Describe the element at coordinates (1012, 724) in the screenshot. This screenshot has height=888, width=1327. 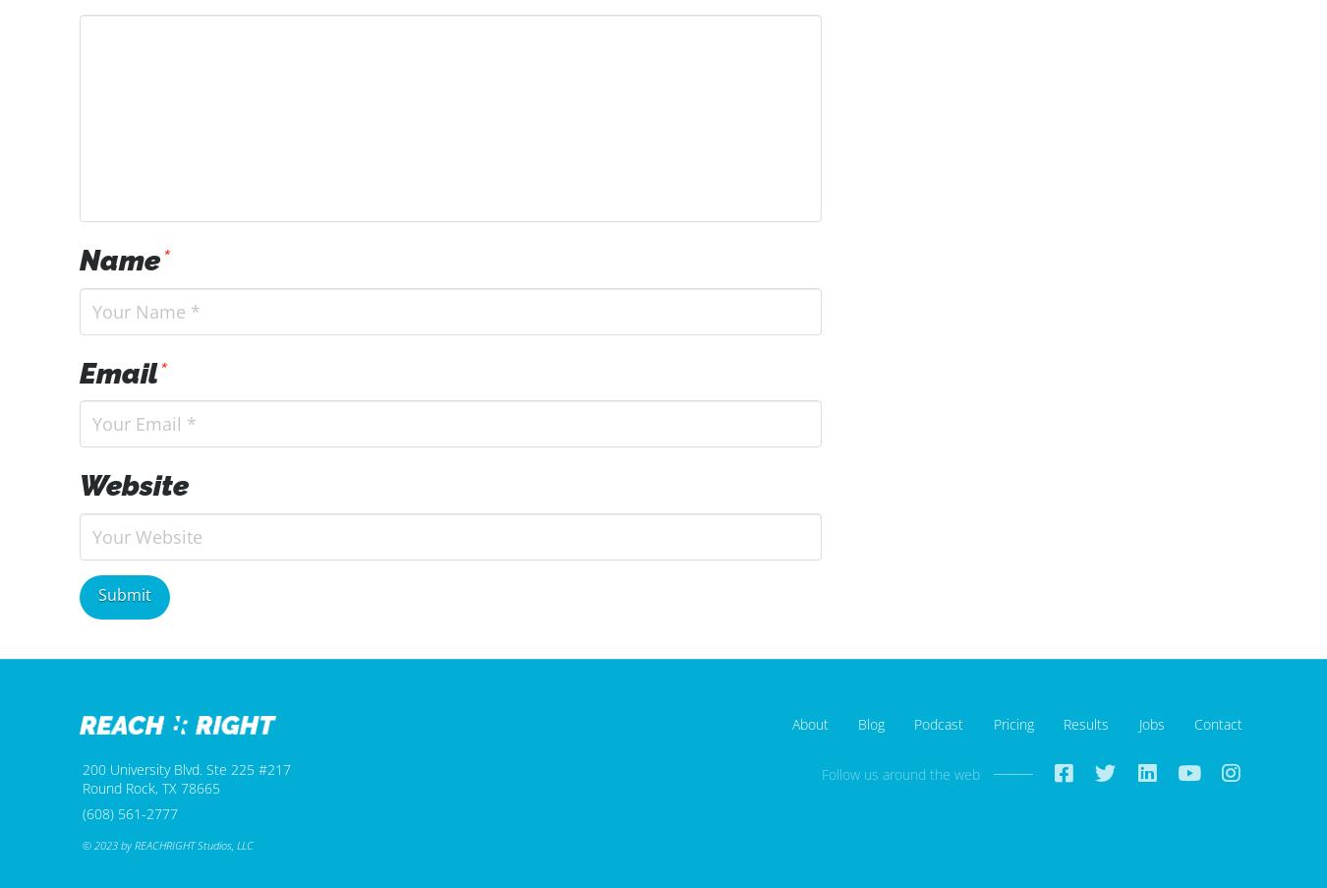
I see `'Pricing'` at that location.